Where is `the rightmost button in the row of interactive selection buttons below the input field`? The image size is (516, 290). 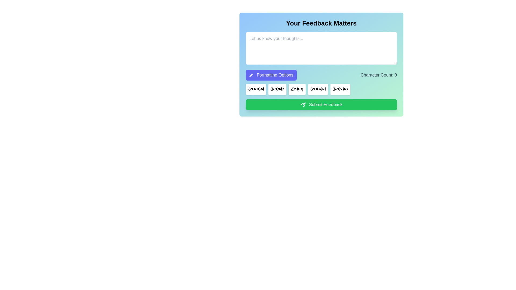
the rightmost button in the row of interactive selection buttons below the input field is located at coordinates (340, 89).